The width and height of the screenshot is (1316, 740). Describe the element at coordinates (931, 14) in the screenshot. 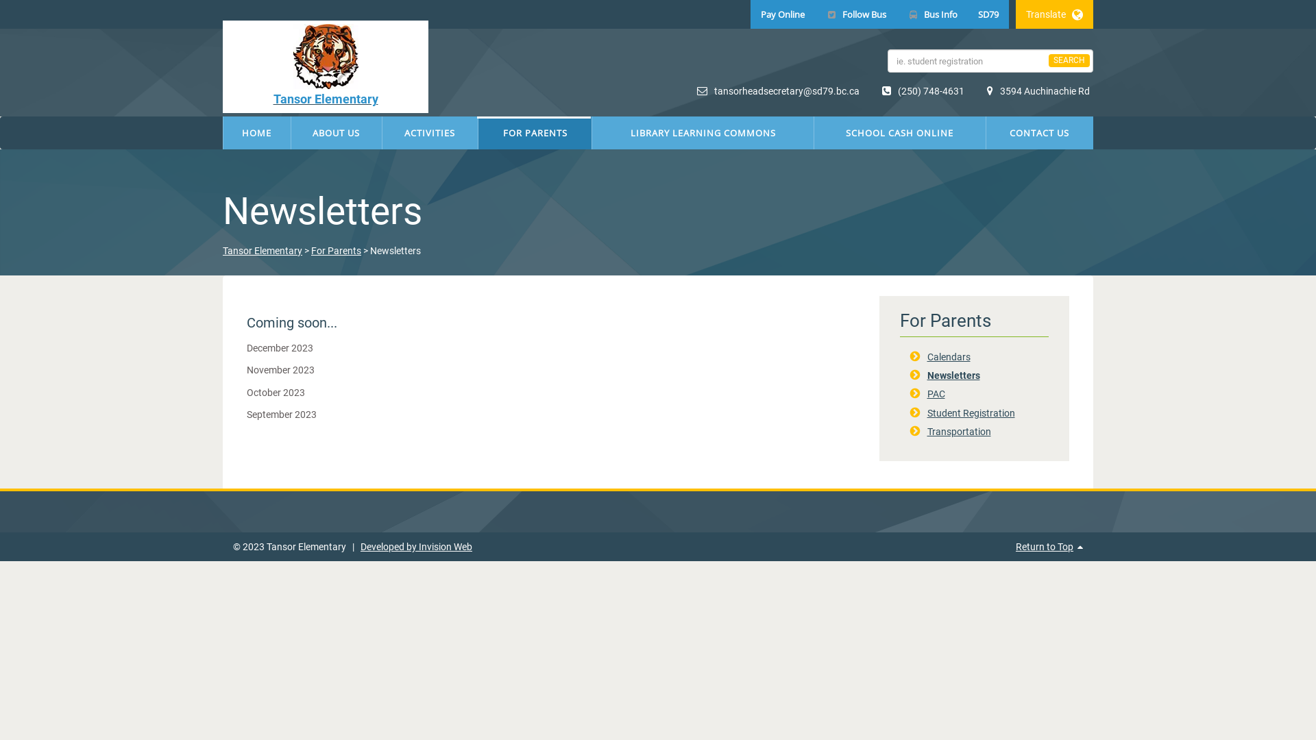

I see `'Bus Info'` at that location.